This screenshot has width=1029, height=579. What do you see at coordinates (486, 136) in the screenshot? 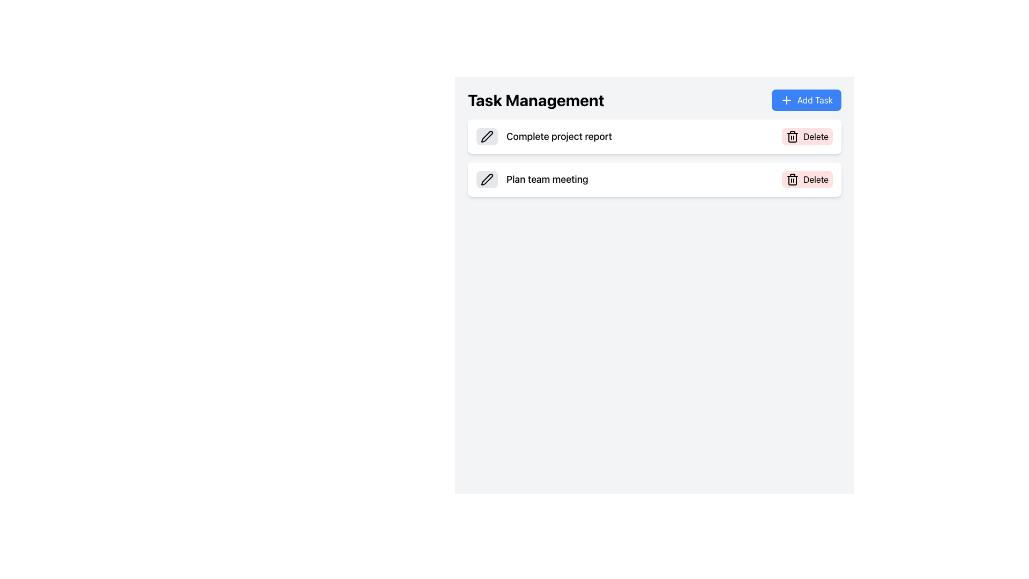
I see `the edit button with an icon associated with the first task entry labeled 'Complete project report' in the 'Task Management' section to highlight it for keyboard interaction` at bounding box center [486, 136].